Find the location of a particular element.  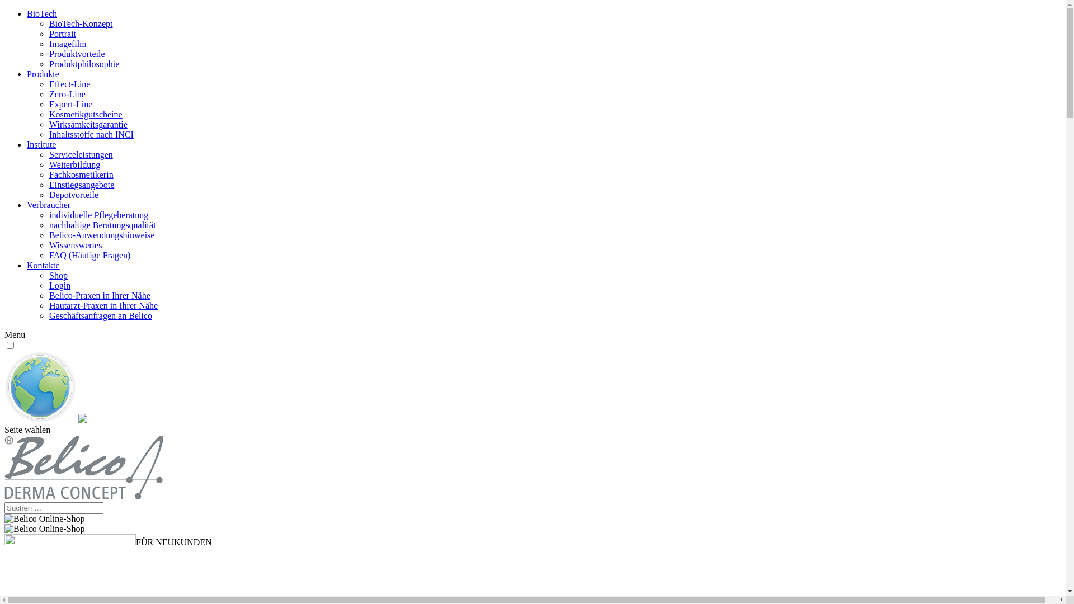

'Inhaltsstoffe nach INCI' is located at coordinates (48, 134).